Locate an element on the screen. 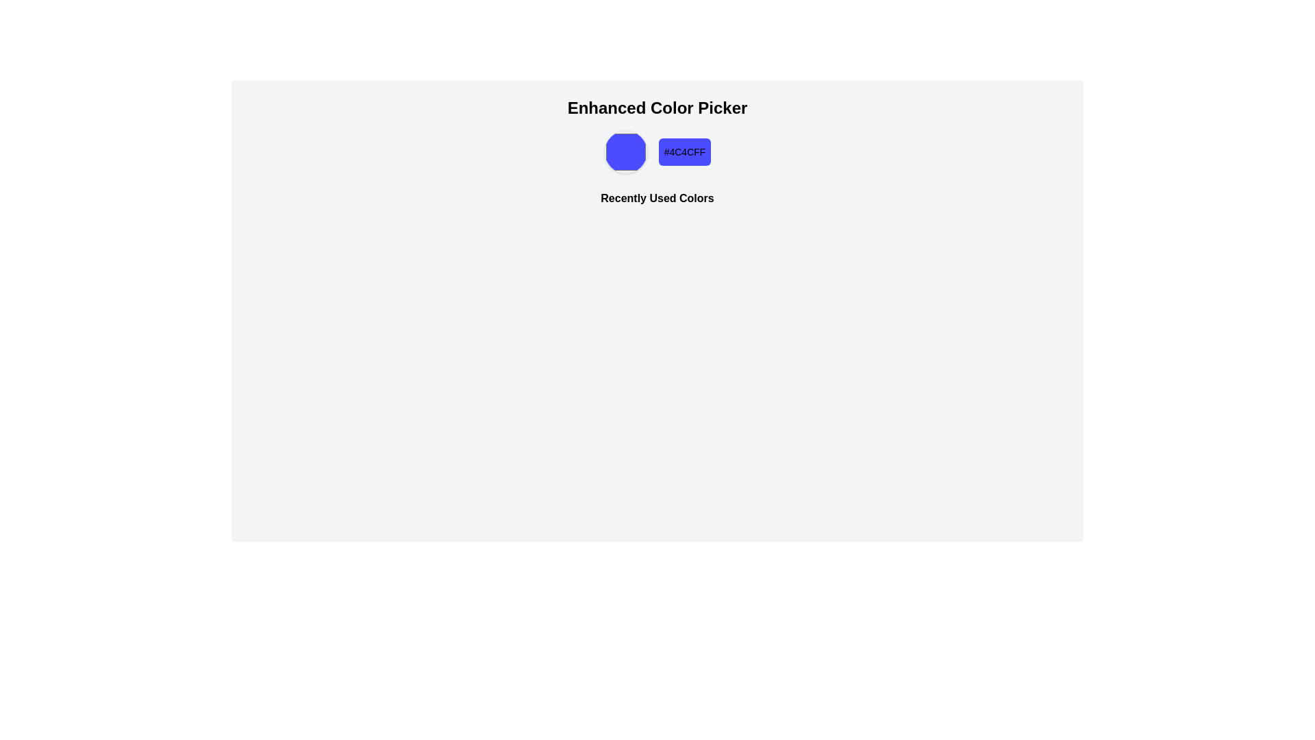 Image resolution: width=1315 pixels, height=740 pixels. the color display with label '#4C4CFF' is located at coordinates (657, 152).